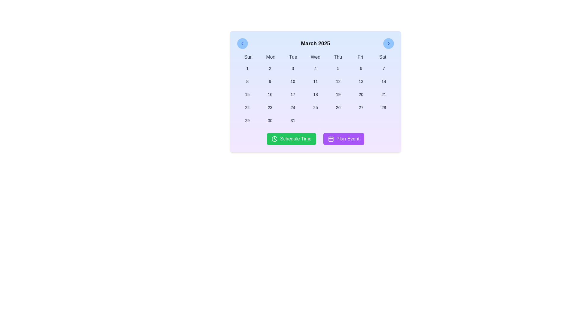 The width and height of the screenshot is (570, 320). I want to click on the button labeled '24', located in the fourth row and fourth column of the calendar grid, so click(293, 107).